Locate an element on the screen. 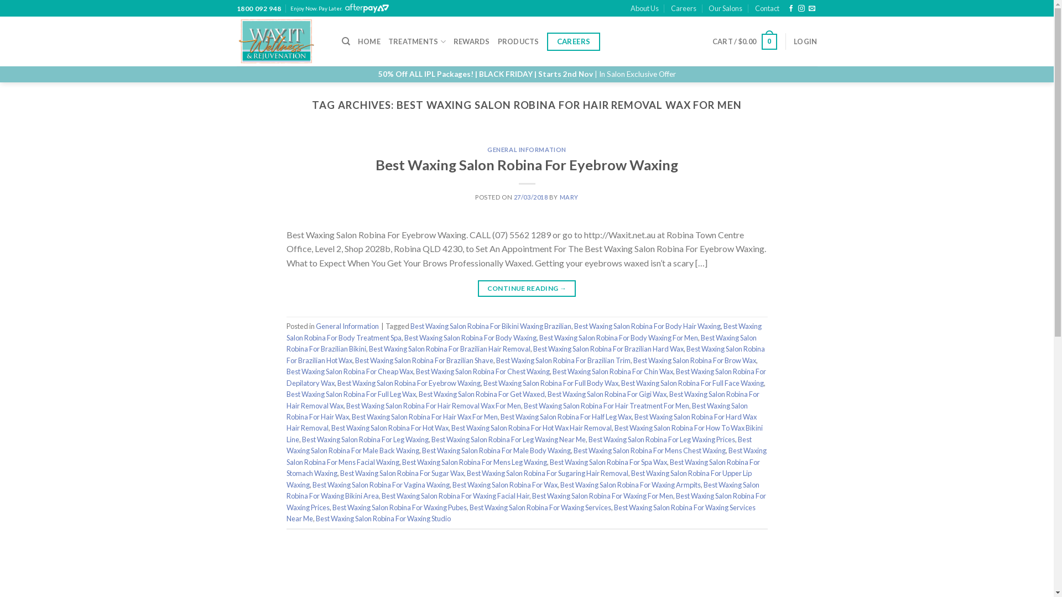  'REWARDS' is located at coordinates (454, 40).